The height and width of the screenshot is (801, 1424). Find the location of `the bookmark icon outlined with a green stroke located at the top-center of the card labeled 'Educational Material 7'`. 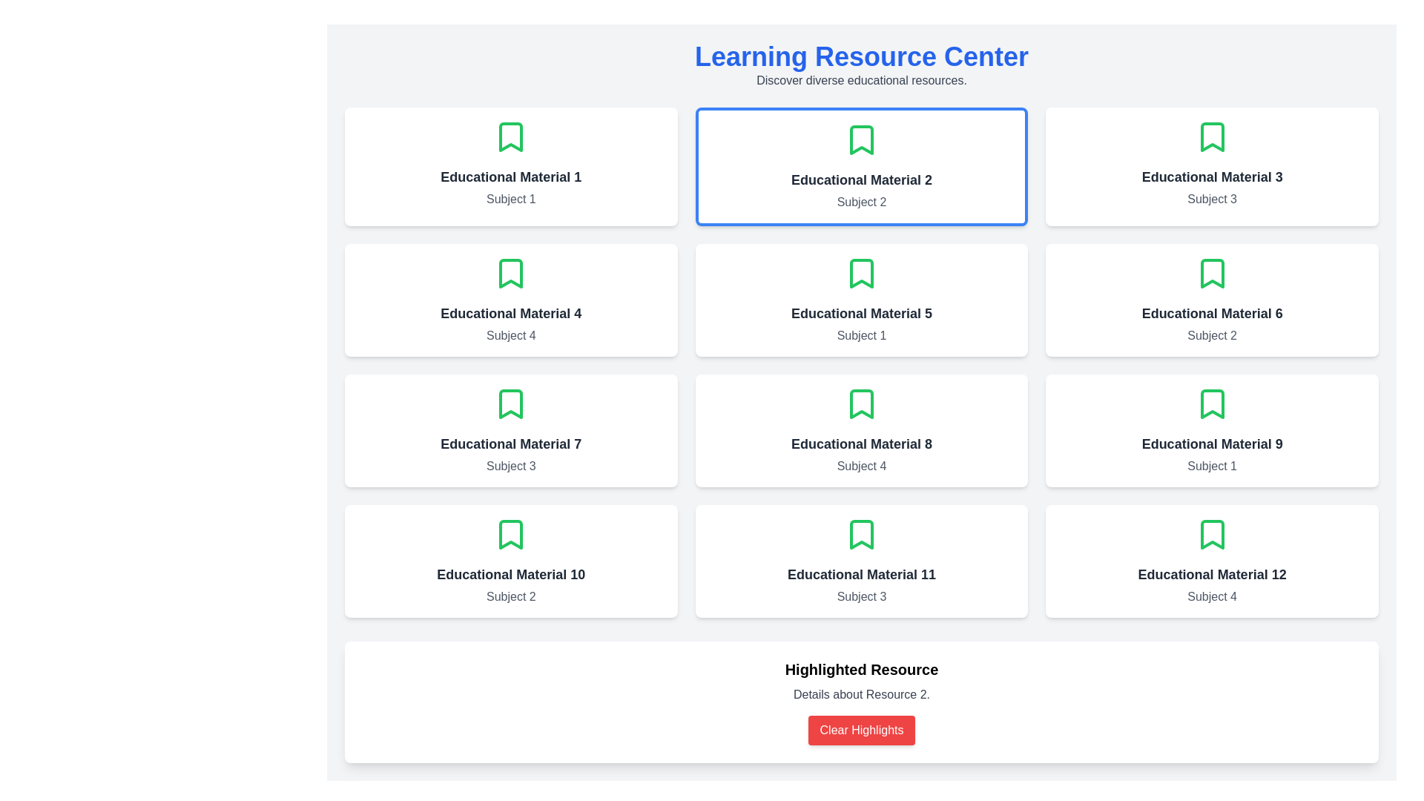

the bookmark icon outlined with a green stroke located at the top-center of the card labeled 'Educational Material 7' is located at coordinates (511, 403).